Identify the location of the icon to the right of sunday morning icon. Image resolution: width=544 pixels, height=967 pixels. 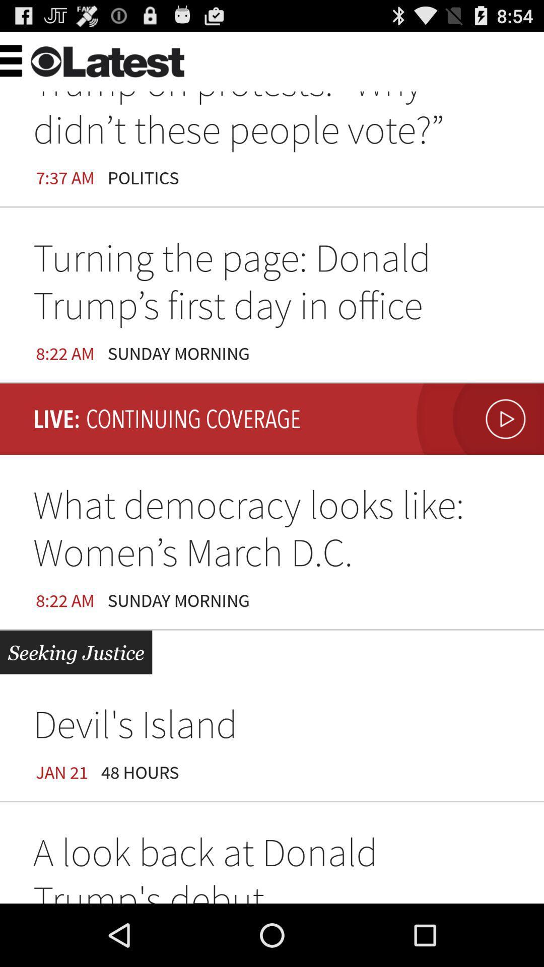
(477, 419).